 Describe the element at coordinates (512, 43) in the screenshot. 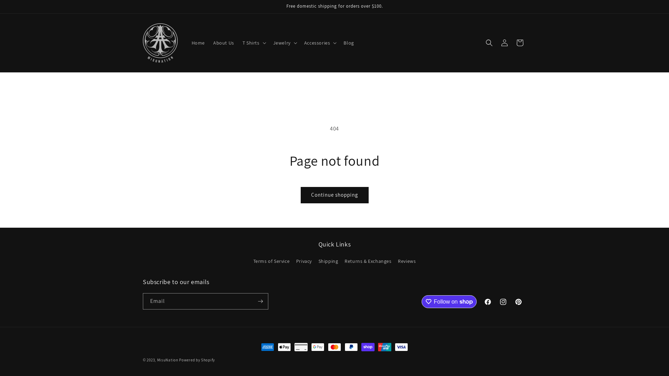

I see `'Cart'` at that location.